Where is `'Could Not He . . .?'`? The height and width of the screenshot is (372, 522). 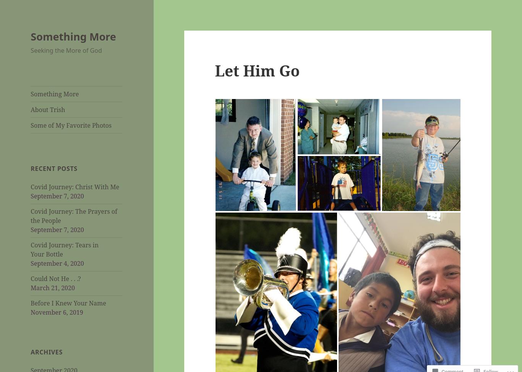
'Could Not He . . .?' is located at coordinates (55, 278).